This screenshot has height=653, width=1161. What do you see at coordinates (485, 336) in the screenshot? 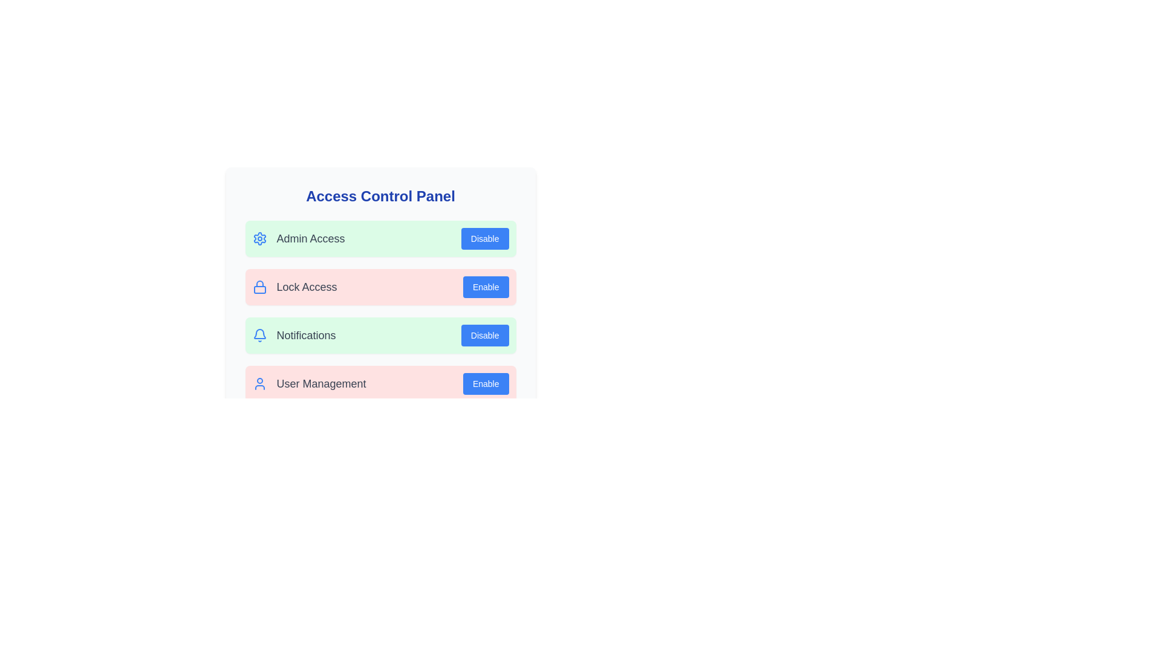
I see `the 'Disable' button for 'Notifications' to toggle its access` at bounding box center [485, 336].